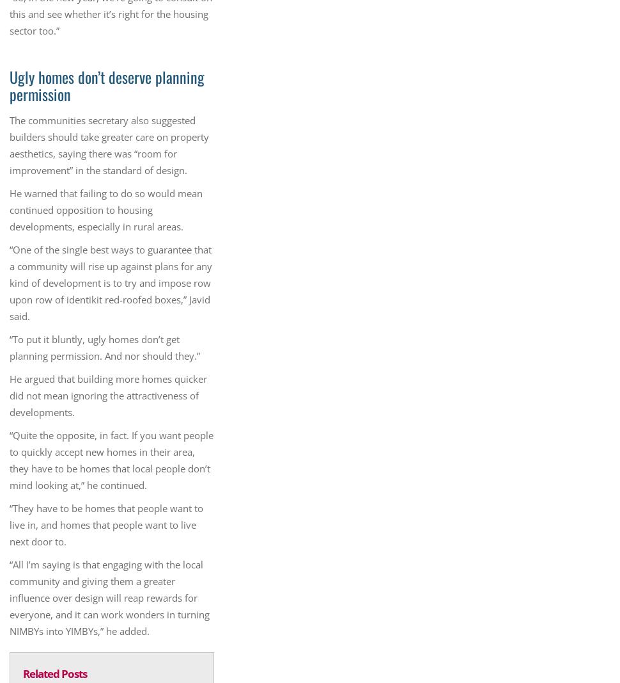 Image resolution: width=620 pixels, height=683 pixels. Describe the element at coordinates (105, 209) in the screenshot. I see `'He warned that failing to do so would mean continued opposition to housing developments, especially in rural areas.'` at that location.